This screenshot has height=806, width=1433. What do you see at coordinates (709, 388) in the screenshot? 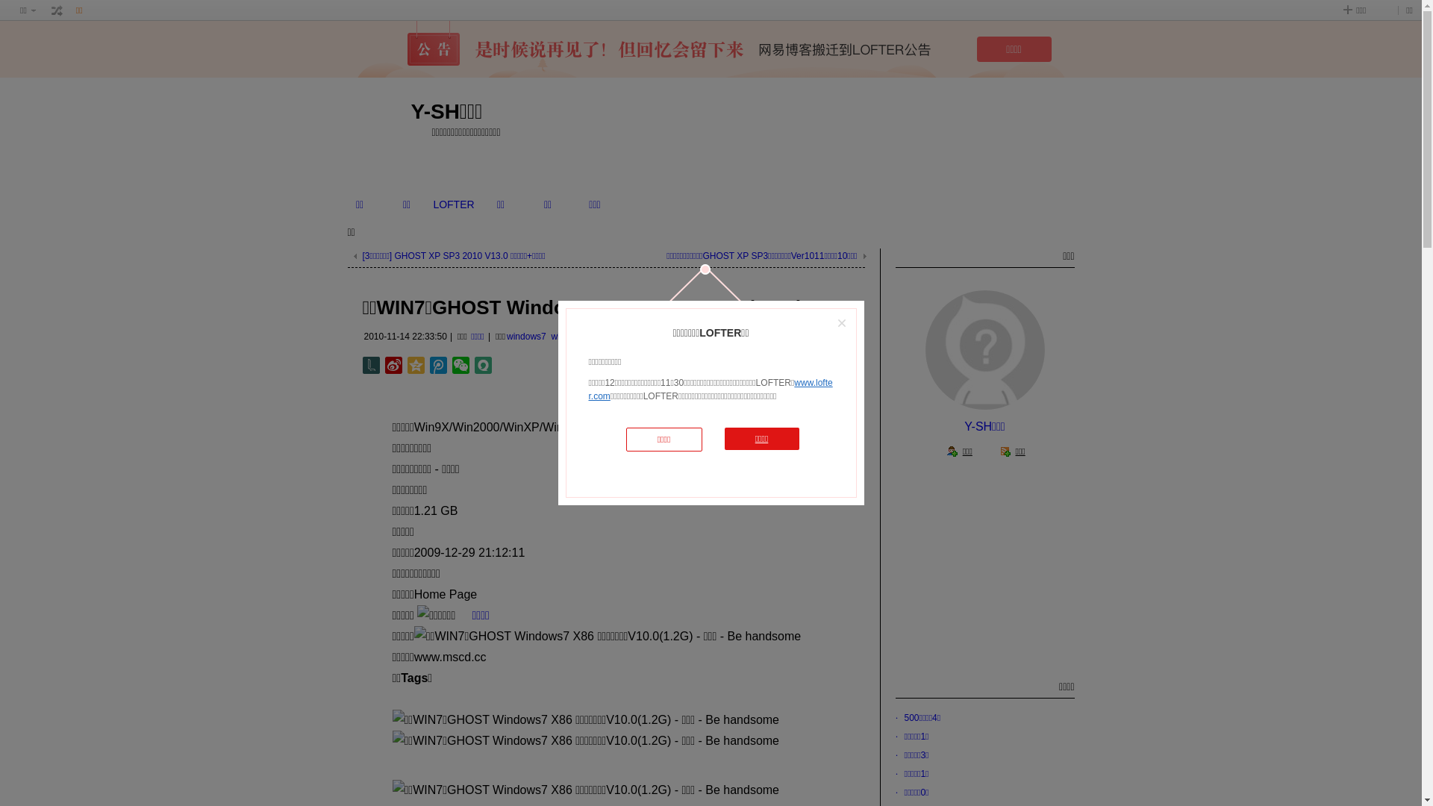
I see `'www.lofter.com'` at bounding box center [709, 388].